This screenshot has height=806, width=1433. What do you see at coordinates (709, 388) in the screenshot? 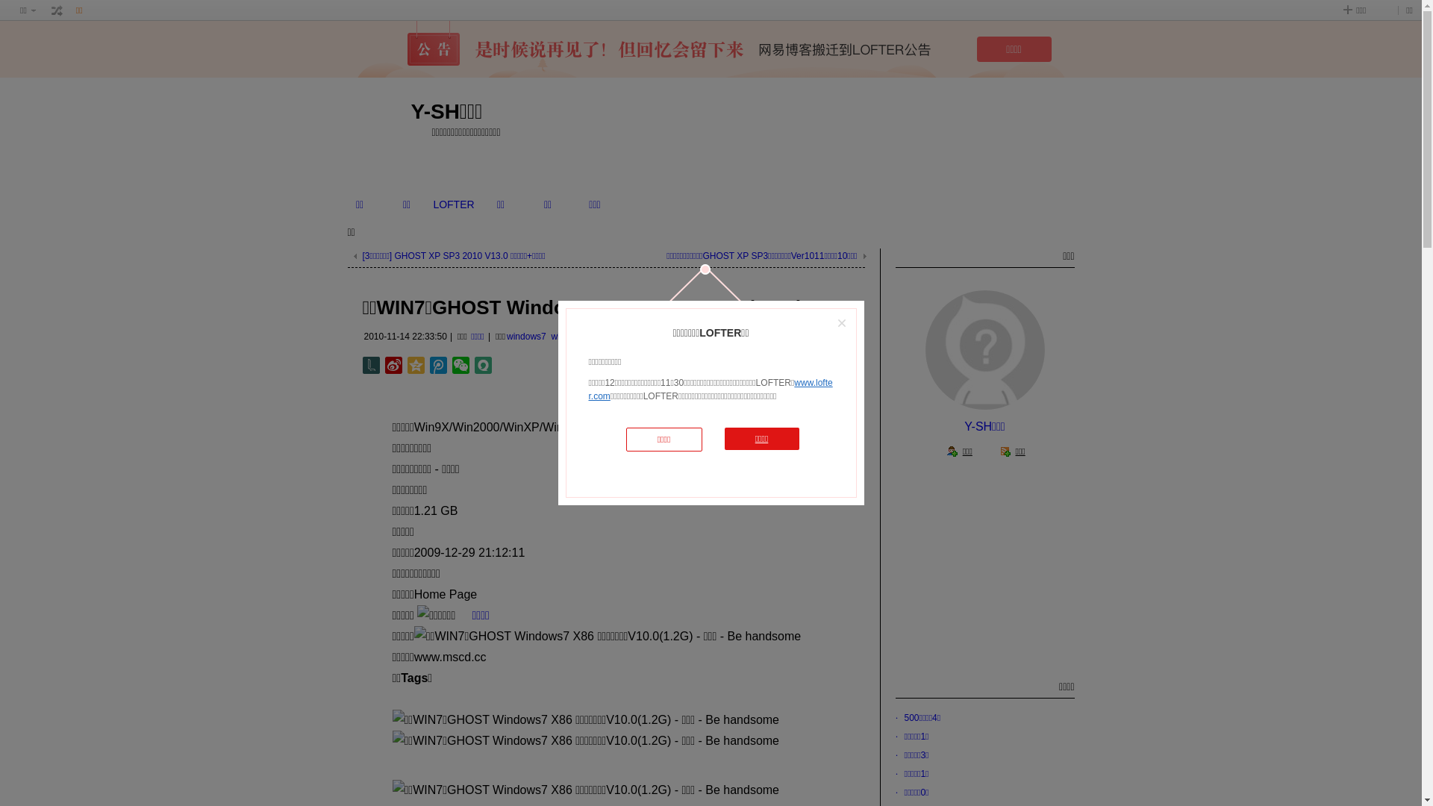
I see `'www.lofter.com'` at bounding box center [709, 388].